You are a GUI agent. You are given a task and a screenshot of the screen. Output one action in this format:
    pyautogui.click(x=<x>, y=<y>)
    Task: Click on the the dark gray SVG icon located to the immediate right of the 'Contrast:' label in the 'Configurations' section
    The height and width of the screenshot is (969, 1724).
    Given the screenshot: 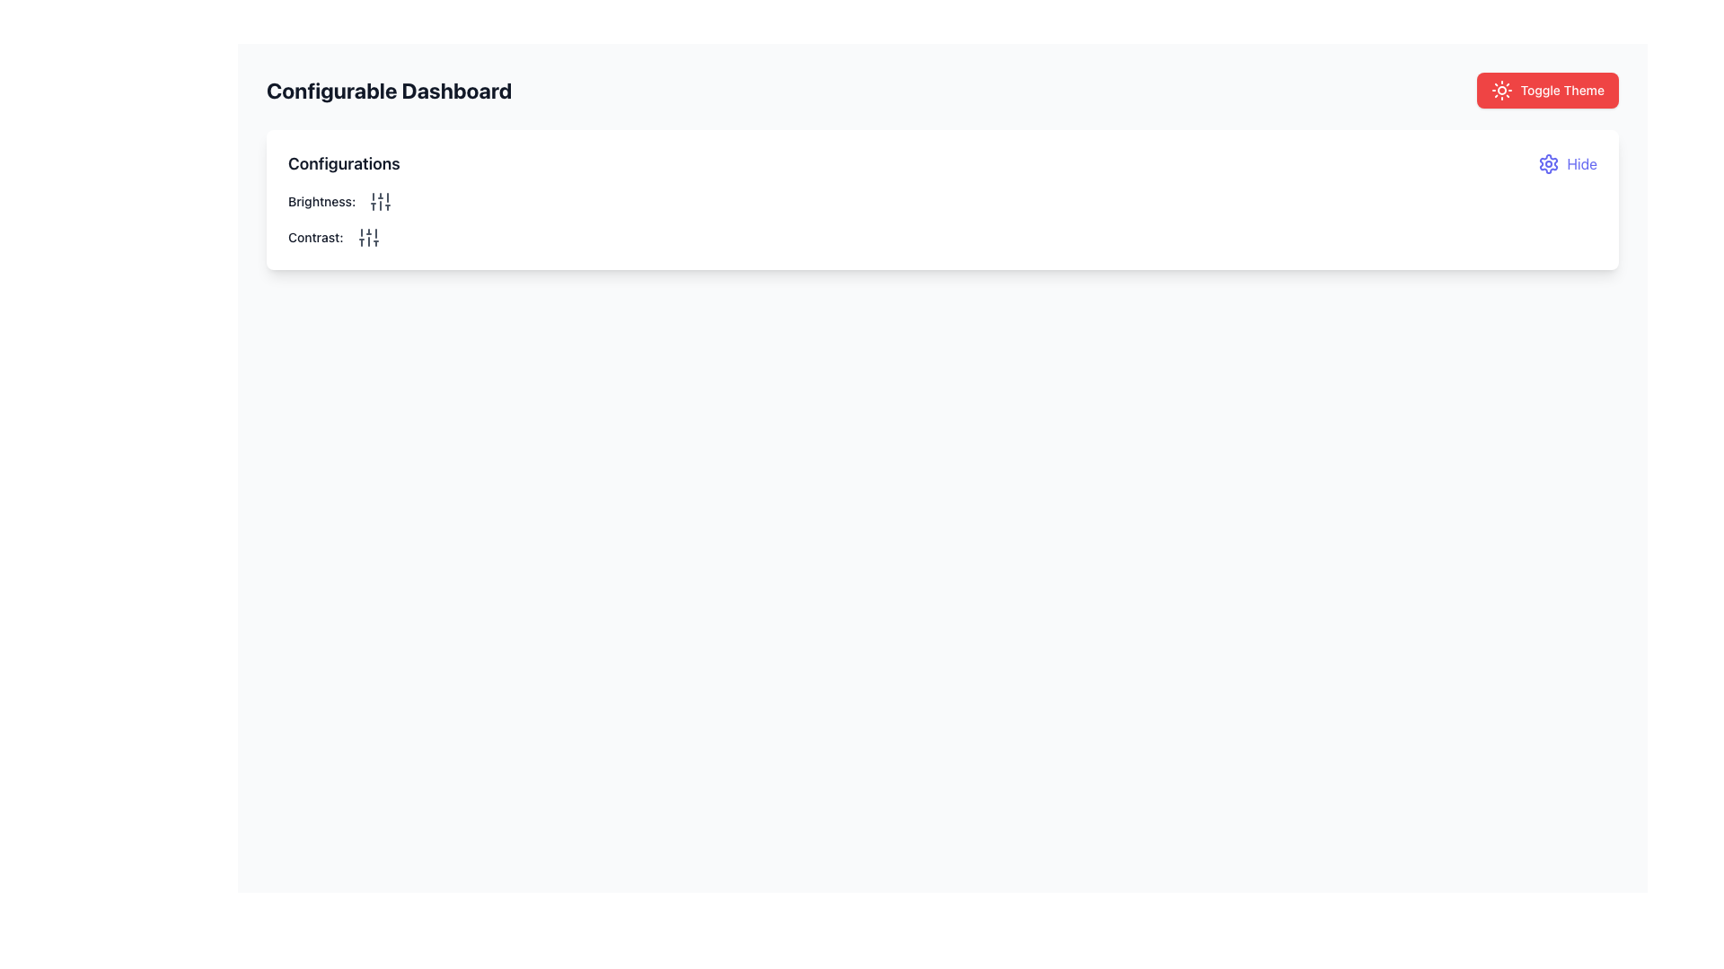 What is the action you would take?
    pyautogui.click(x=367, y=237)
    